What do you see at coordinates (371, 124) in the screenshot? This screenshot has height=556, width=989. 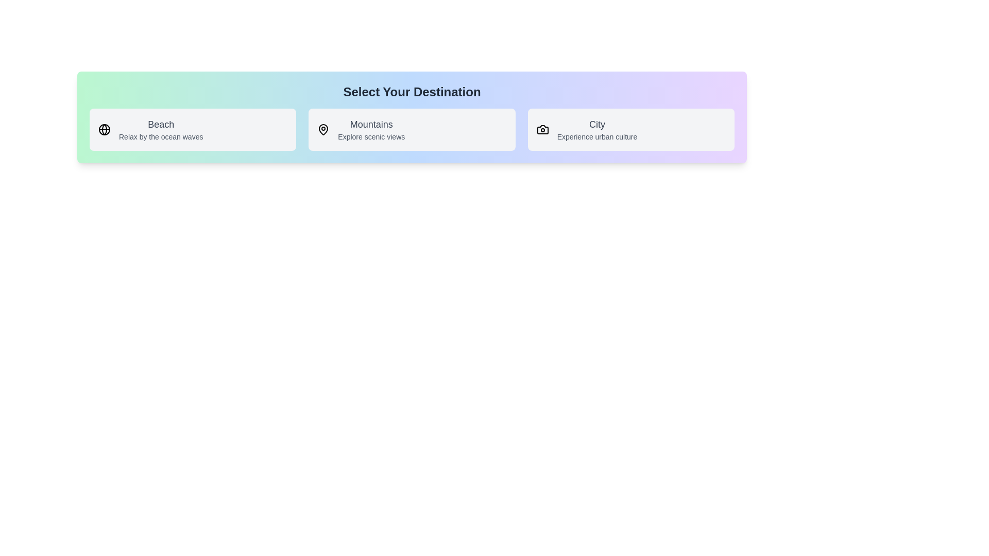 I see `the text label displaying 'Mountains' which is located in the second card under the 'Select Your Destination' section` at bounding box center [371, 124].